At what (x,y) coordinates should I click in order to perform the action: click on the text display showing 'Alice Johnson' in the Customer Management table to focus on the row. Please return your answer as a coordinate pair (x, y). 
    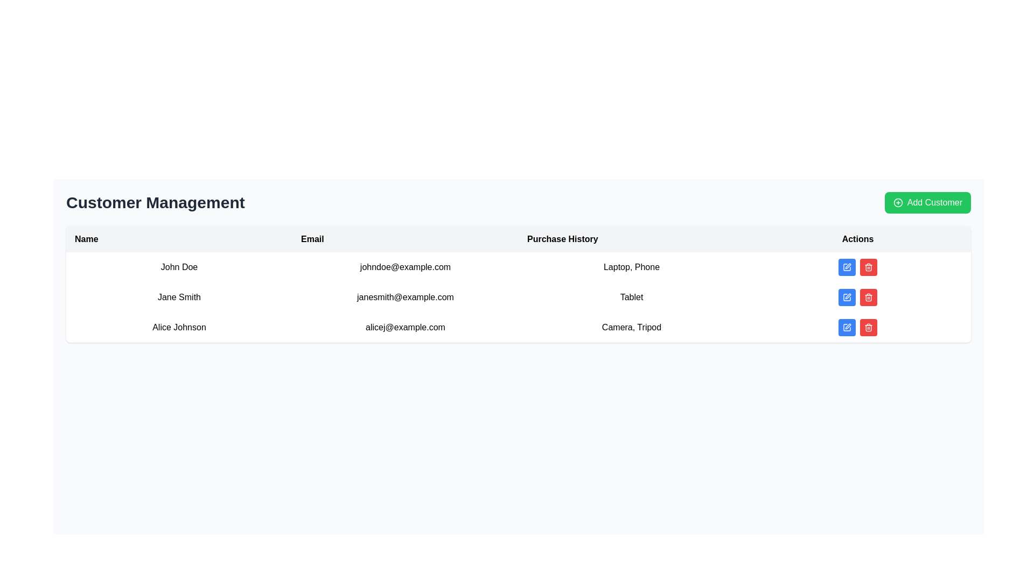
    Looking at the image, I should click on (179, 327).